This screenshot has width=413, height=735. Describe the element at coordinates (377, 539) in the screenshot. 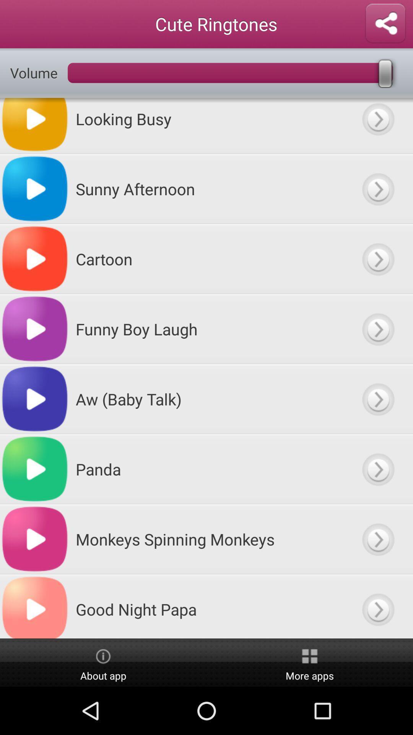

I see `option for monkeys` at that location.